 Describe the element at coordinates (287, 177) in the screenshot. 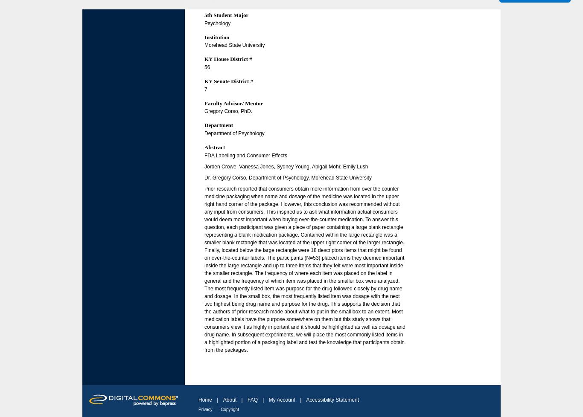

I see `'Dr. Gregory Corso, Department of Psychology, Morehead State University'` at that location.